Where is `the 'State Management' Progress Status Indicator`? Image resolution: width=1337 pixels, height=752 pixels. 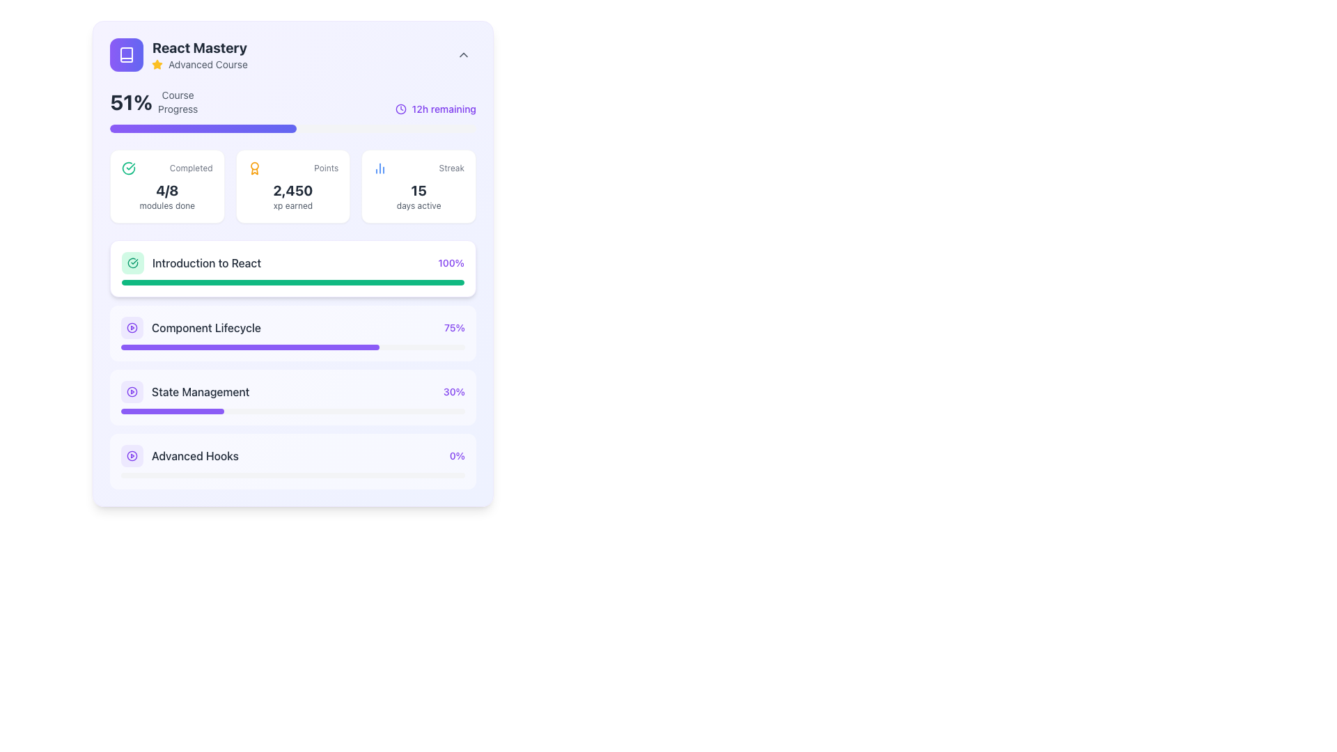 the 'State Management' Progress Status Indicator is located at coordinates (292, 392).